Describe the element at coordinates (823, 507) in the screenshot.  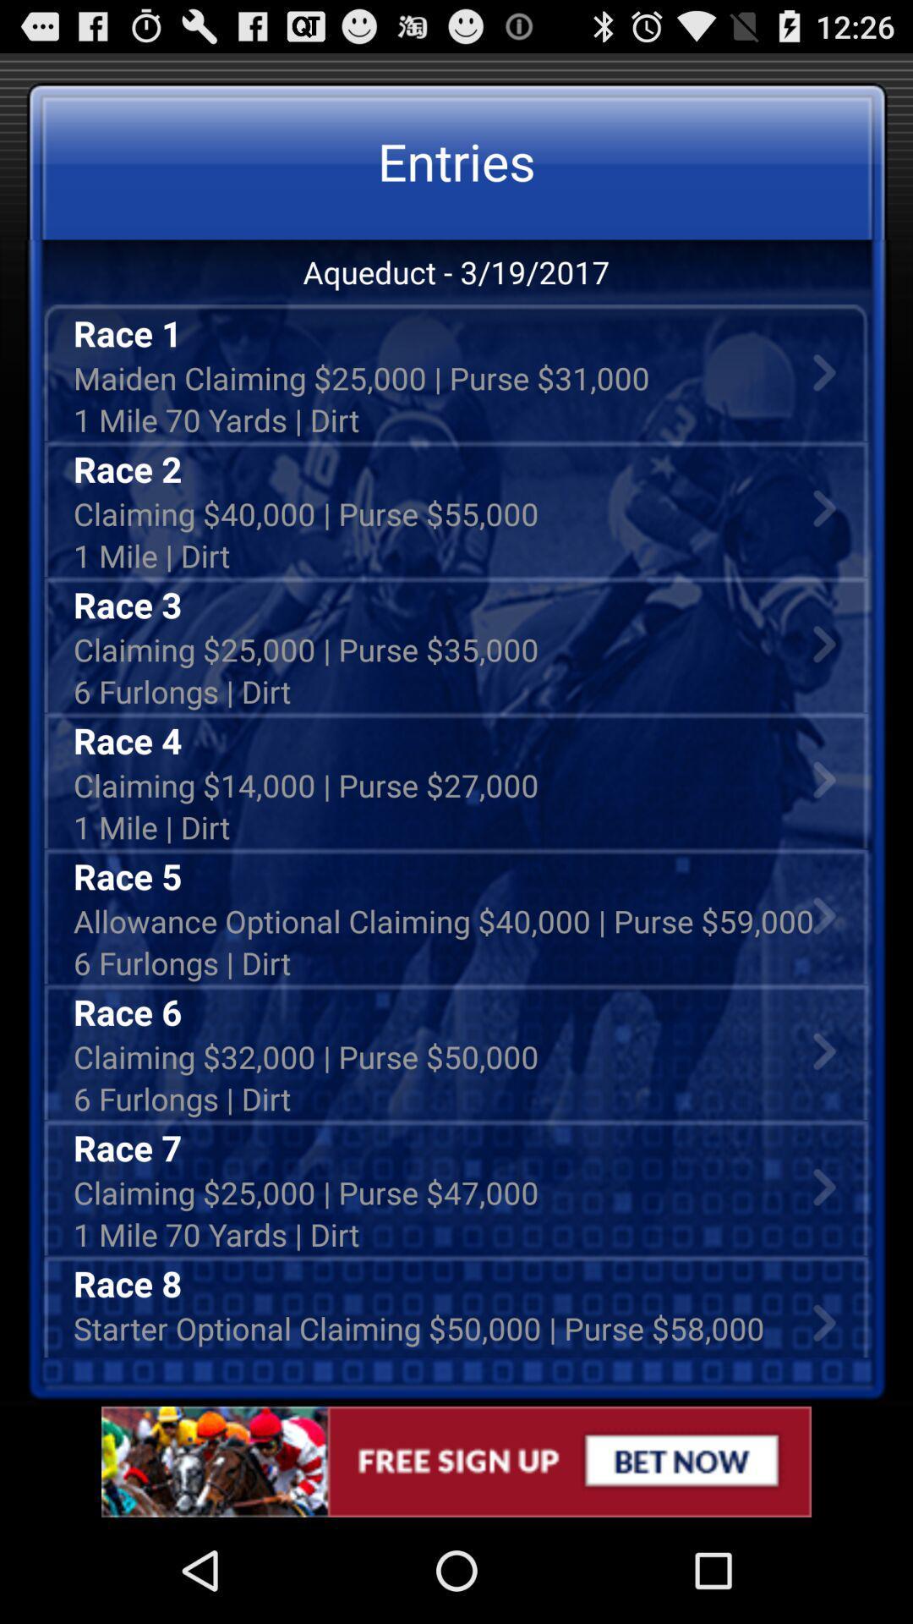
I see `the arrow icon beside race 2 text` at that location.